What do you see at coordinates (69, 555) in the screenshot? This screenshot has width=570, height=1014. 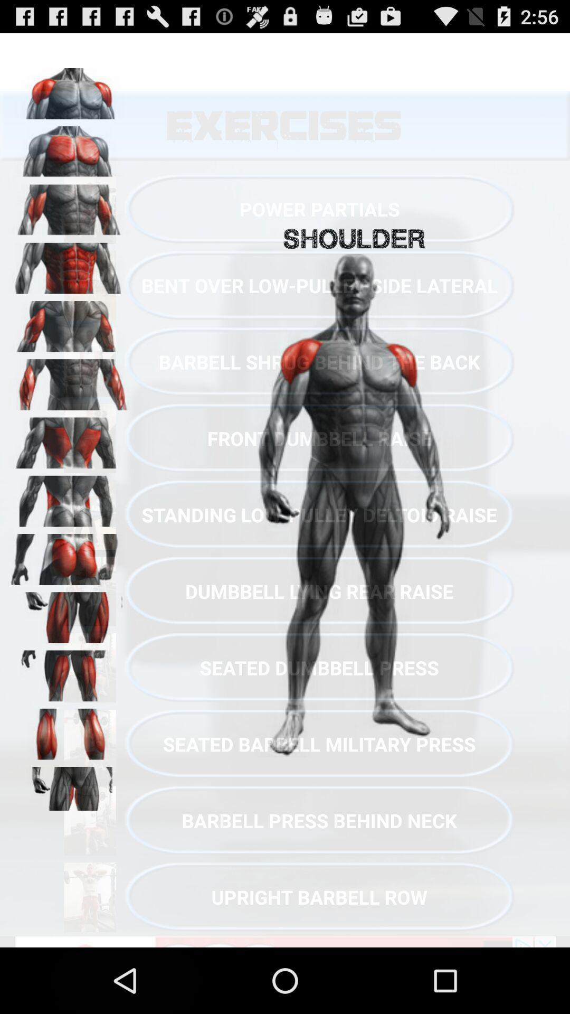 I see `choose exercises targeting butt` at bounding box center [69, 555].